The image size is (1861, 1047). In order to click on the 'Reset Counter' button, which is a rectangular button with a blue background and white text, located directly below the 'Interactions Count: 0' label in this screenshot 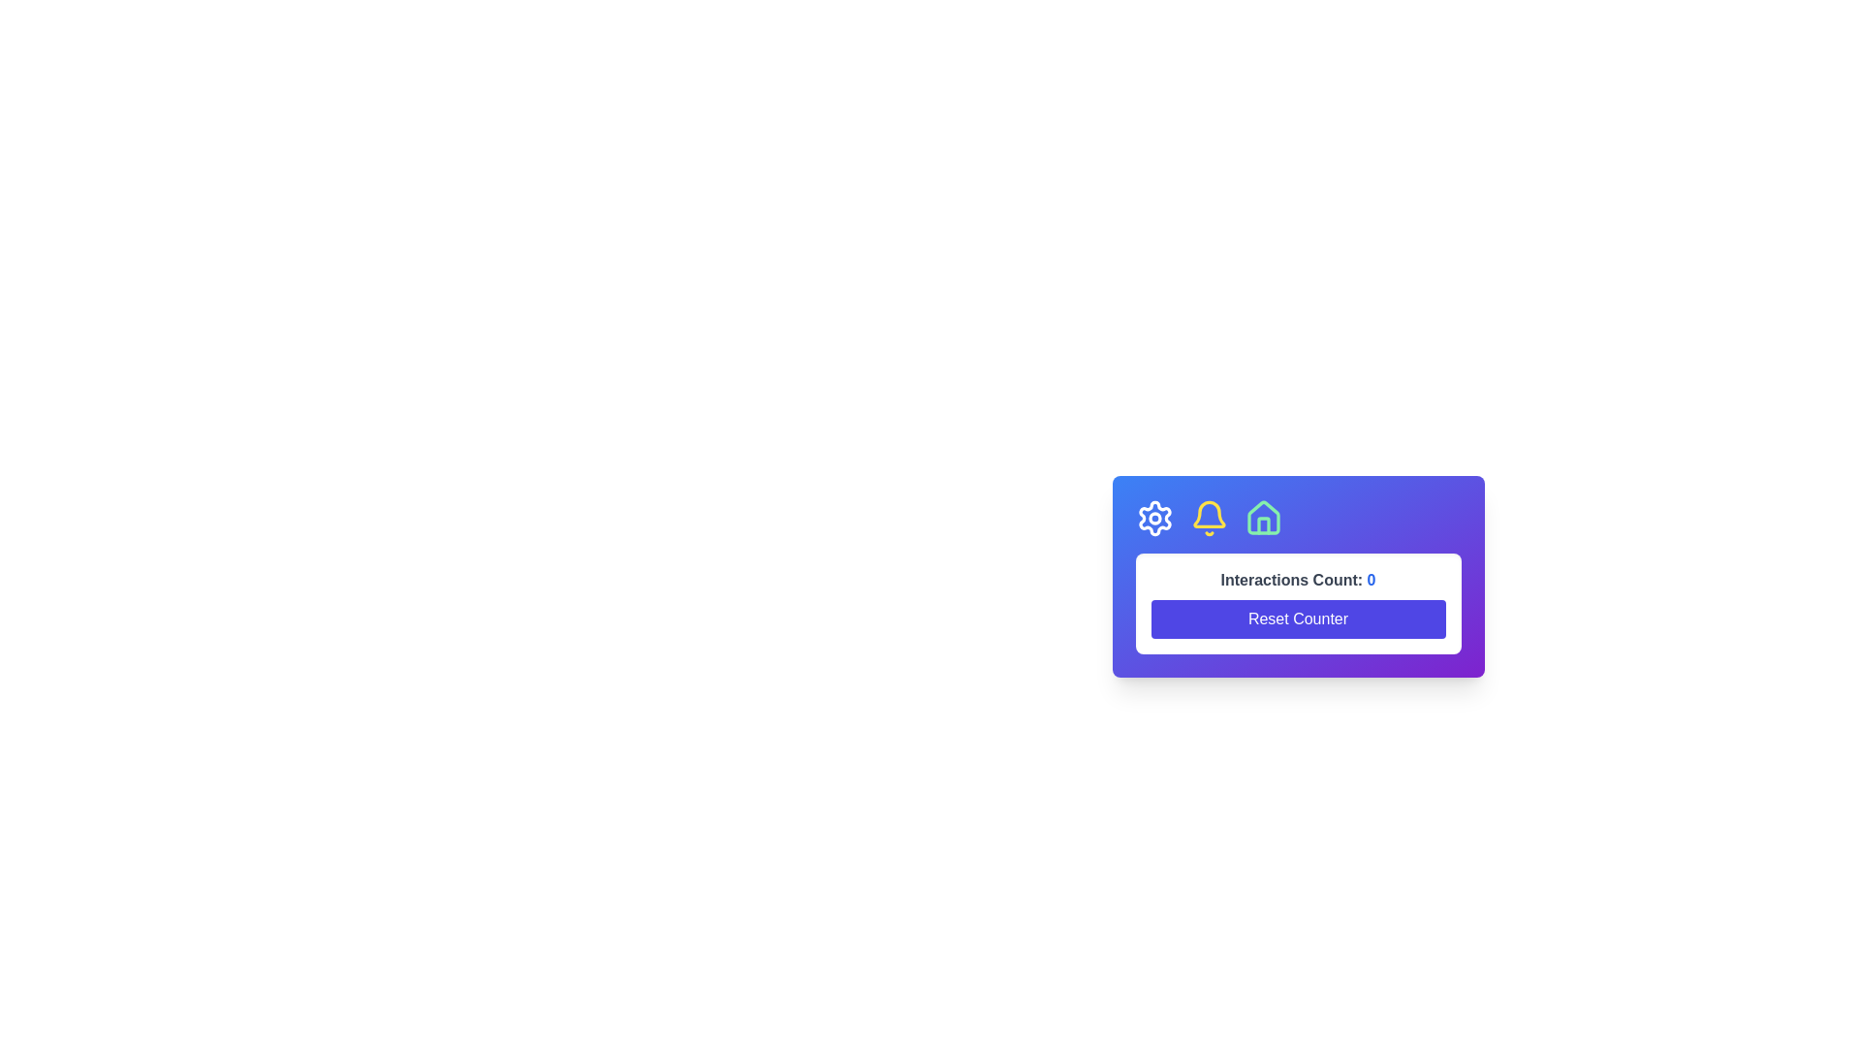, I will do `click(1298, 619)`.